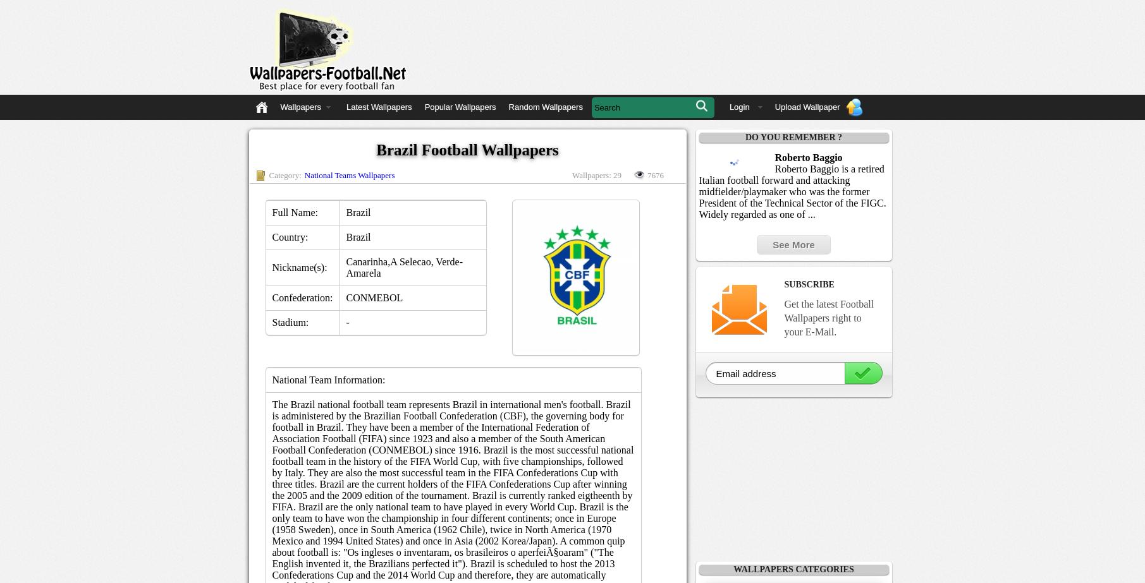 This screenshot has width=1145, height=583. What do you see at coordinates (774, 107) in the screenshot?
I see `'Upload Wallpaper'` at bounding box center [774, 107].